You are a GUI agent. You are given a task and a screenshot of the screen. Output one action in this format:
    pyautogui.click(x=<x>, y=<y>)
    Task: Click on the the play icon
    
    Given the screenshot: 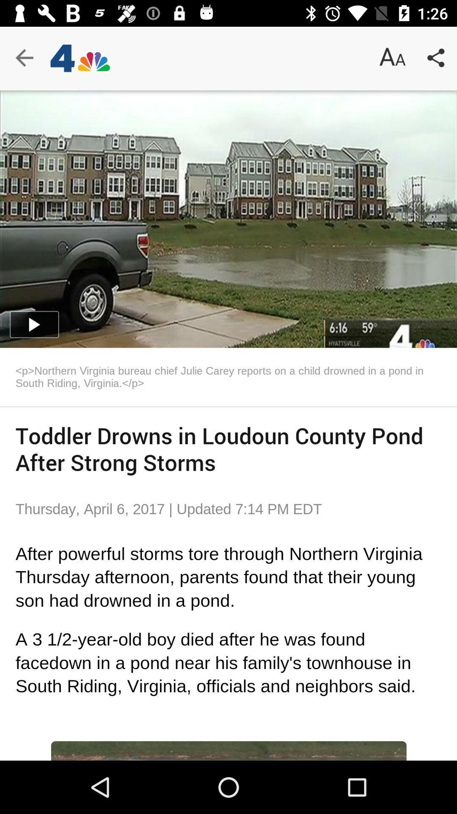 What is the action you would take?
    pyautogui.click(x=34, y=323)
    